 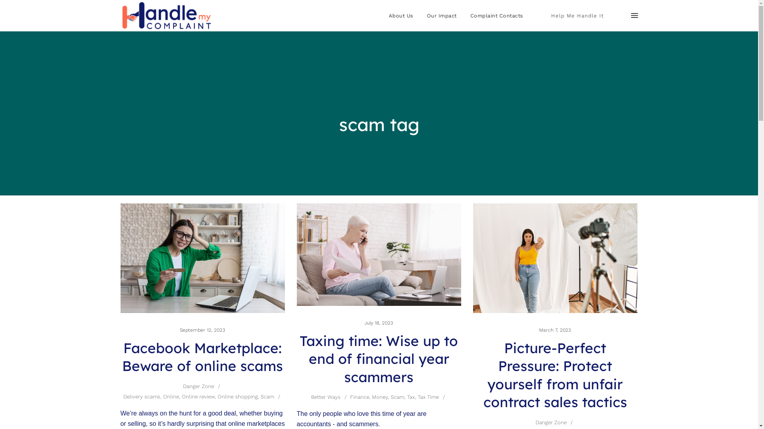 What do you see at coordinates (411, 397) in the screenshot?
I see `'Tax'` at bounding box center [411, 397].